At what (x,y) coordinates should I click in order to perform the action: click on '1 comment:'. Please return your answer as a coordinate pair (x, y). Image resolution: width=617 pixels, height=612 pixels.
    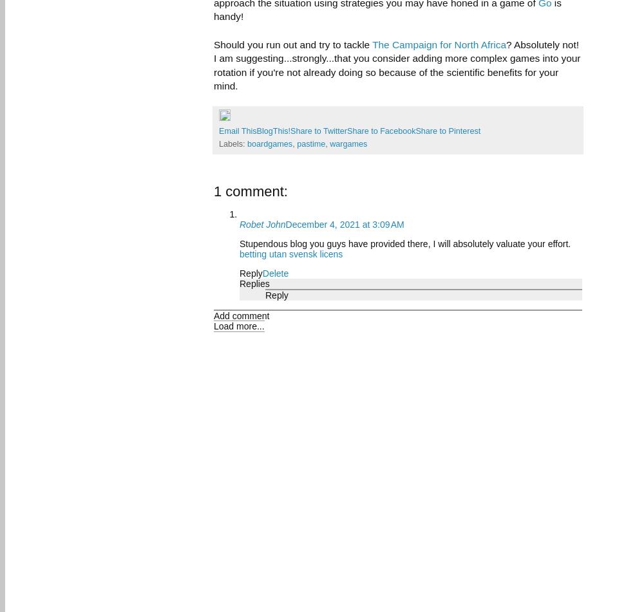
    Looking at the image, I should click on (213, 191).